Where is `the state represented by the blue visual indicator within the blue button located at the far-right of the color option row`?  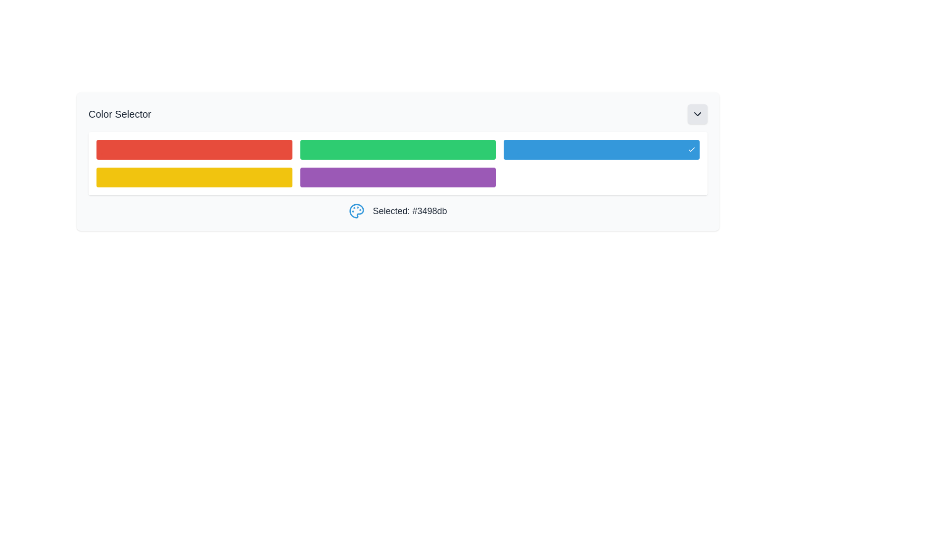
the state represented by the blue visual indicator within the blue button located at the far-right of the color option row is located at coordinates (514, 150).